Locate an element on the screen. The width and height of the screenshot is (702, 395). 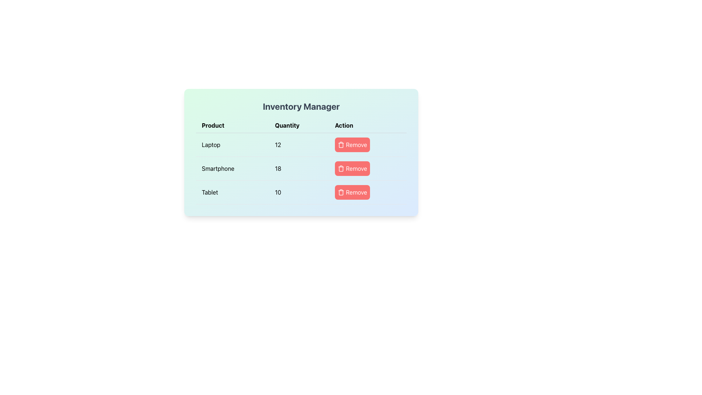
the second row of the inventory table, which displays product information and includes a remove button is located at coordinates (301, 161).